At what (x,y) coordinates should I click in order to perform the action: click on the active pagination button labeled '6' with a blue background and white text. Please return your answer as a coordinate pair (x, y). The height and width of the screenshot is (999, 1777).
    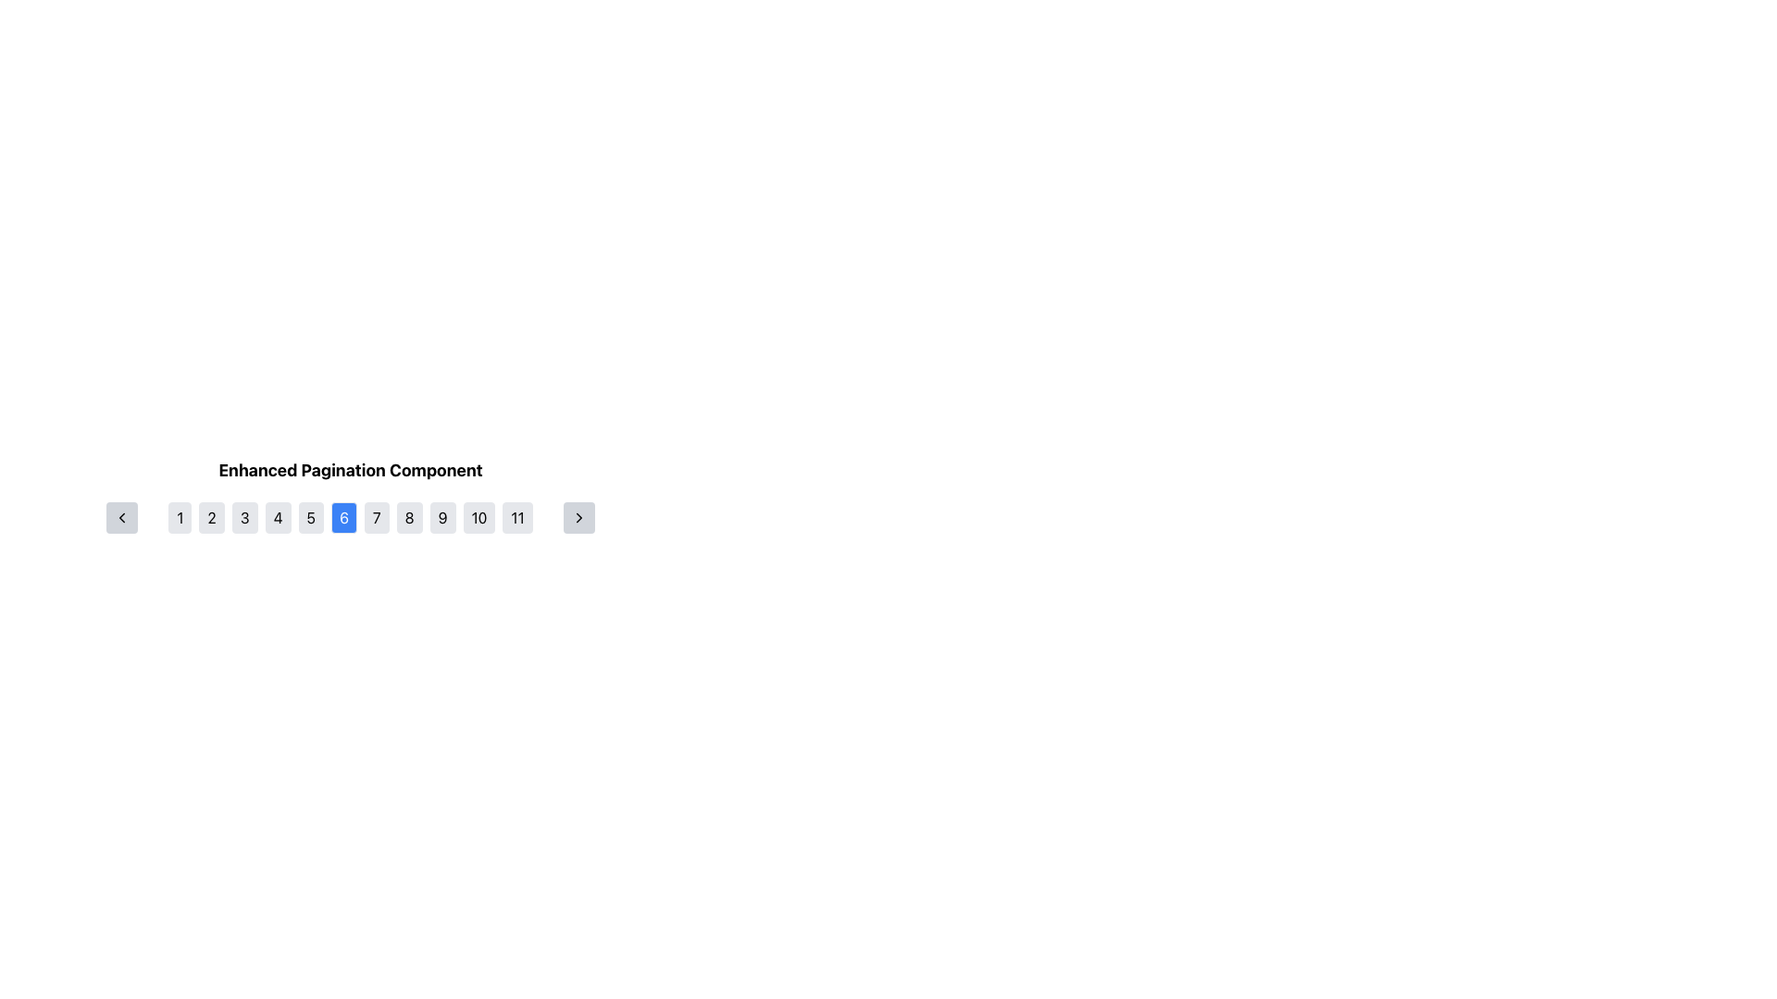
    Looking at the image, I should click on (351, 517).